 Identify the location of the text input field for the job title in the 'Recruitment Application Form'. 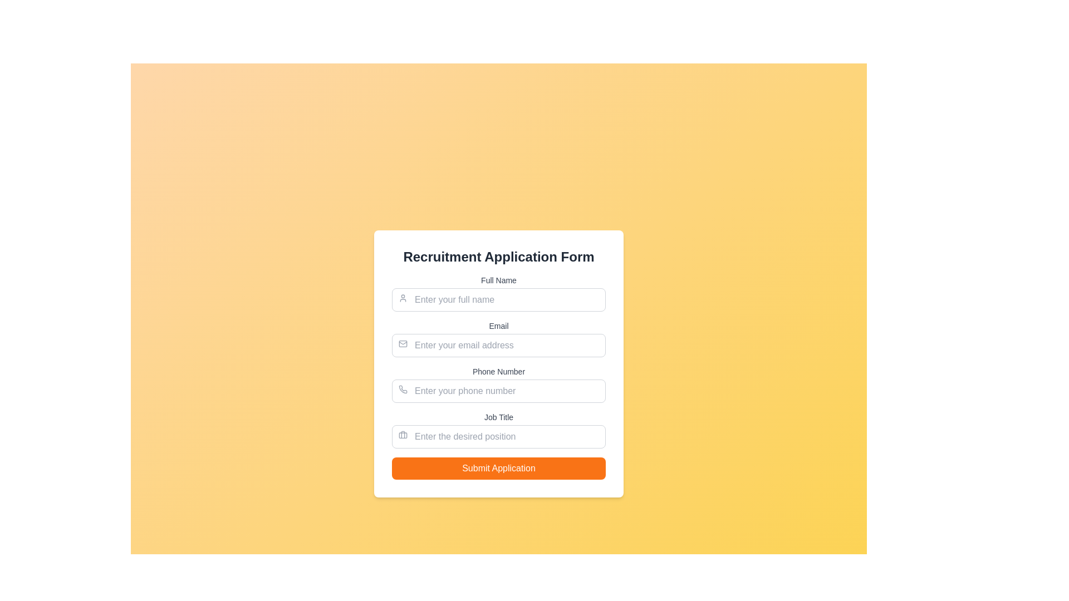
(498, 436).